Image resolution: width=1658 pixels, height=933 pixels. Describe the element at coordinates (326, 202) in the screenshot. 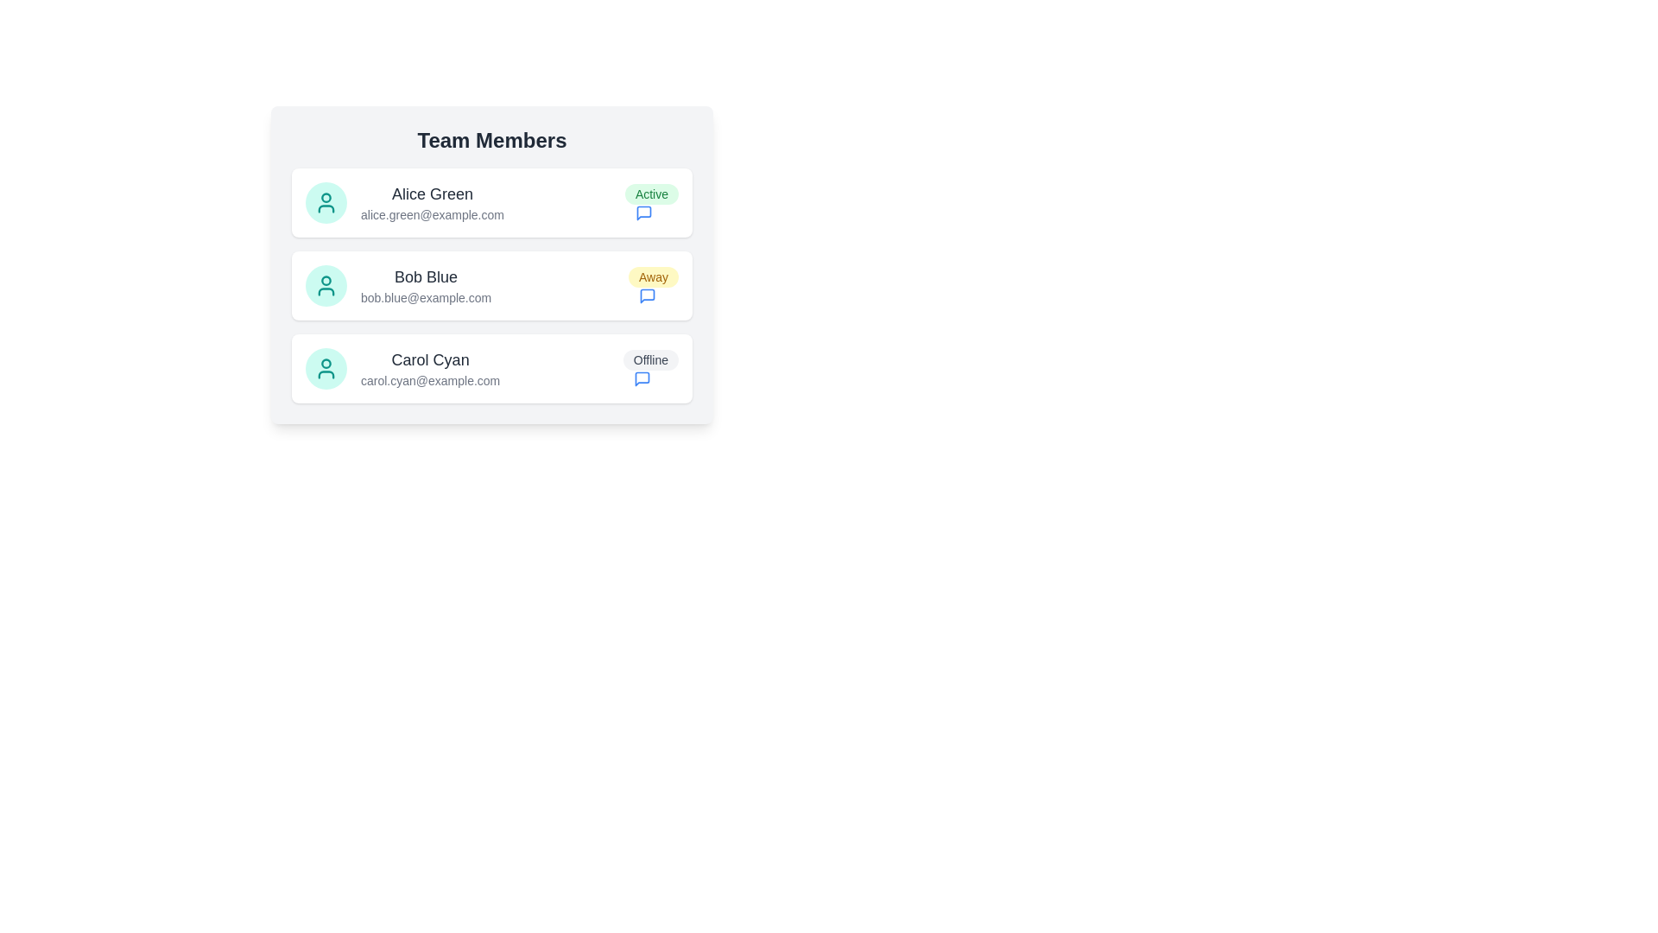

I see `the teal-colored user icon within the rounded rectangular card located at the top-left corner of the first card in the list, adjacent to the 'Alice Green' name label and email` at that location.